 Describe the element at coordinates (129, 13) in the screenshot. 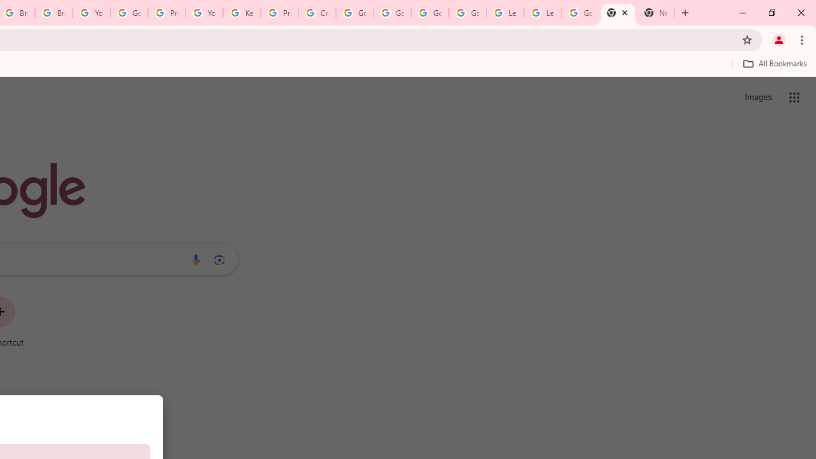

I see `'Google Account Help'` at that location.